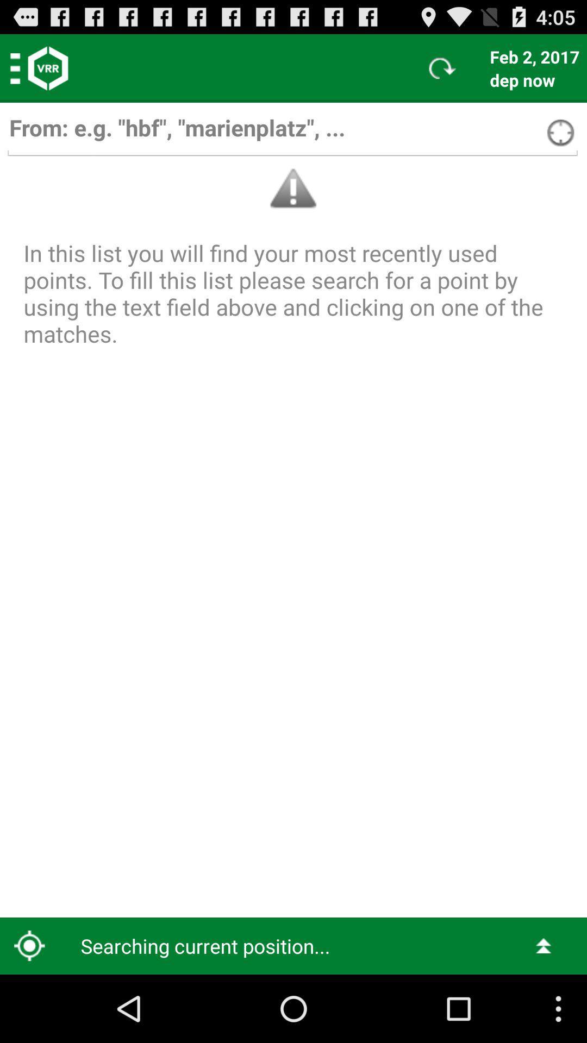 The height and width of the screenshot is (1043, 587). What do you see at coordinates (292, 133) in the screenshot?
I see `enter the search point` at bounding box center [292, 133].